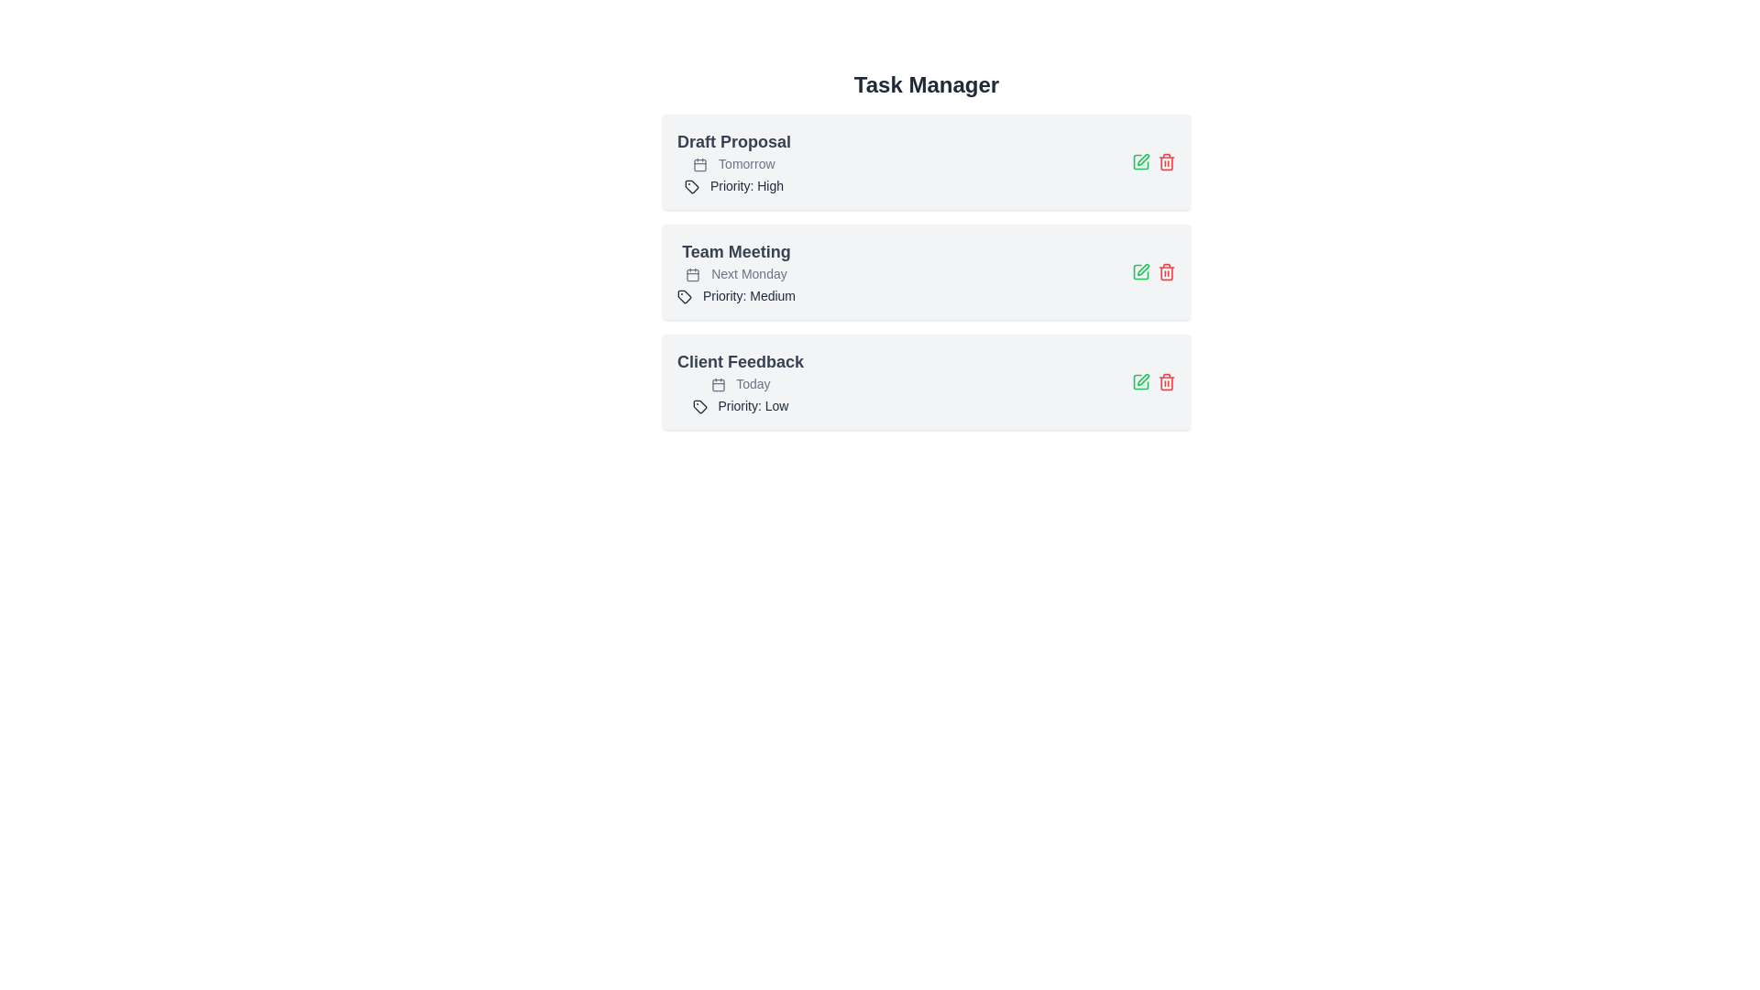  I want to click on details of the Task card widget located at the bottom of the task list, which includes the task title, associated date, and priority level, so click(927, 380).